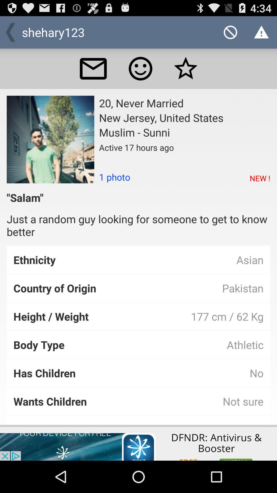 This screenshot has height=493, width=277. What do you see at coordinates (140, 73) in the screenshot?
I see `the emoji icon` at bounding box center [140, 73].